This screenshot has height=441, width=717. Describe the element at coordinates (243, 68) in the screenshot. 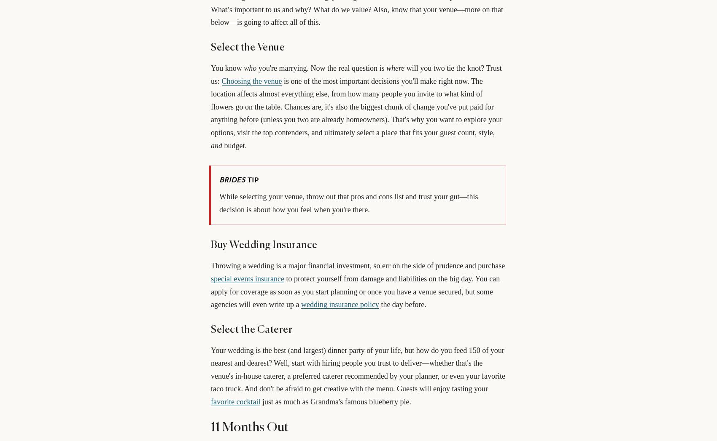

I see `'who'` at that location.